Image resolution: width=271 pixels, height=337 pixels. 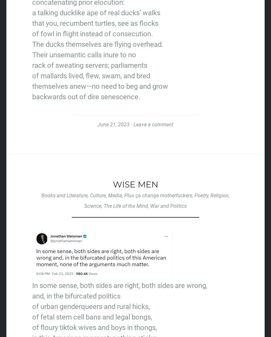 What do you see at coordinates (95, 23) in the screenshot?
I see `'that you, recumbent turtles, see as flocks'` at bounding box center [95, 23].